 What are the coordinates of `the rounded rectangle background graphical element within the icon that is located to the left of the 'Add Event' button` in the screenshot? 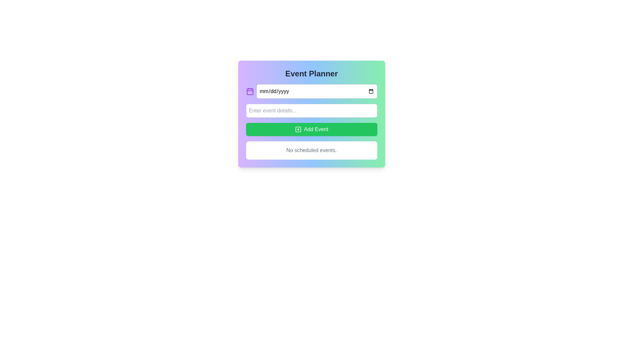 It's located at (298, 129).